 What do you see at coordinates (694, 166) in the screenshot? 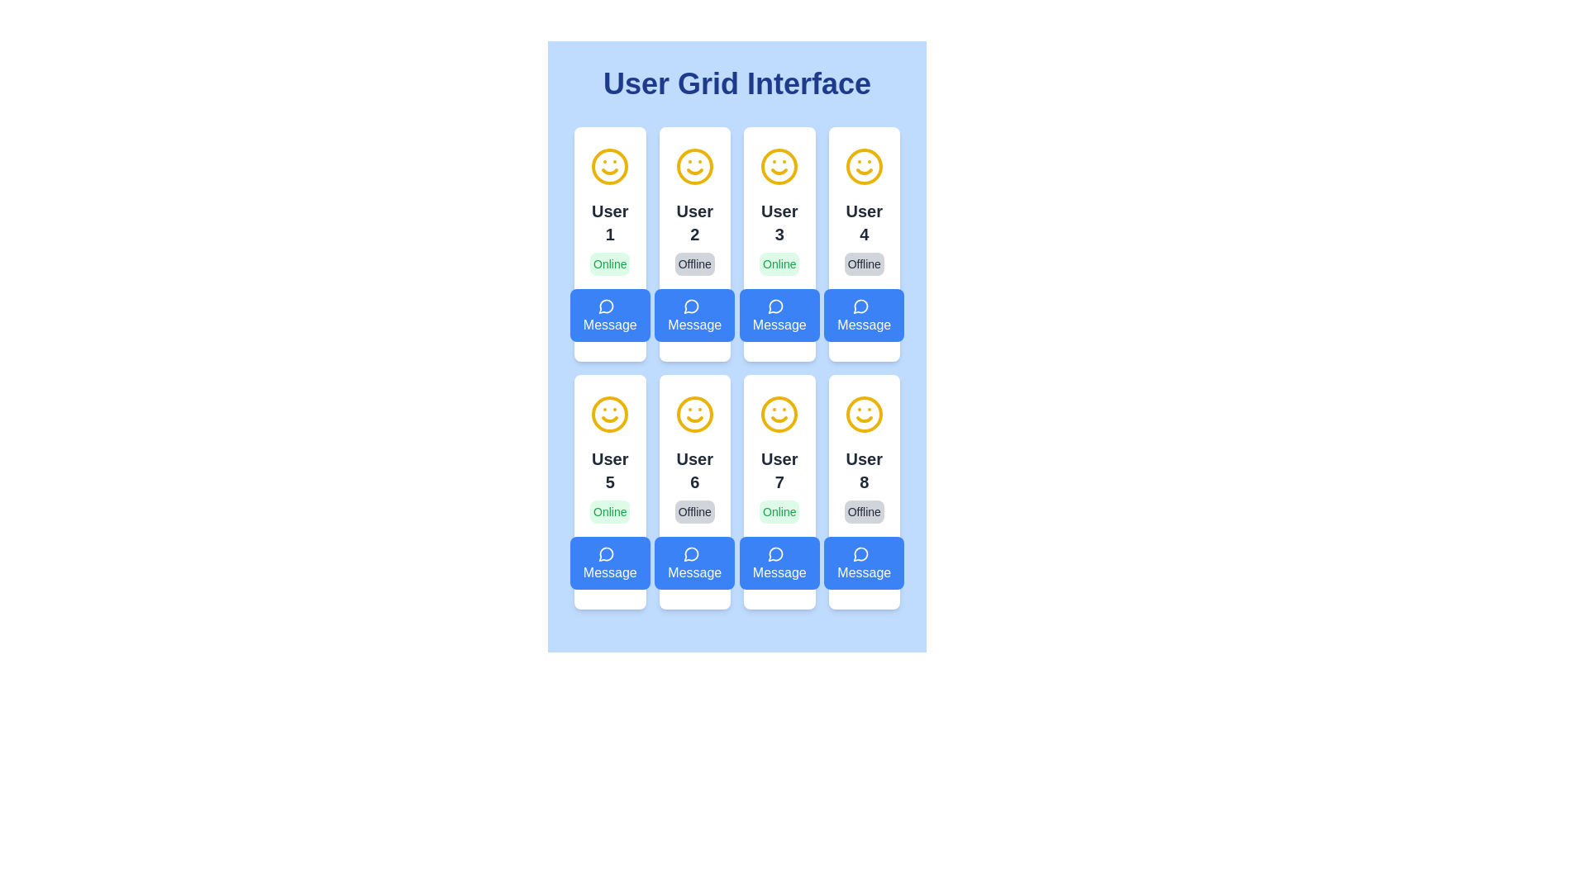
I see `the circular smiley face icon with a yellow outline, positioned above the text 'User 2' in the user card layout` at bounding box center [694, 166].